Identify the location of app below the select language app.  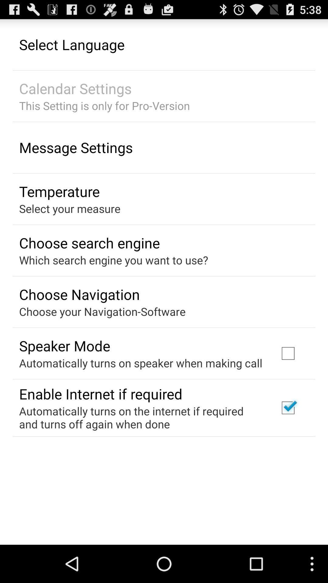
(75, 88).